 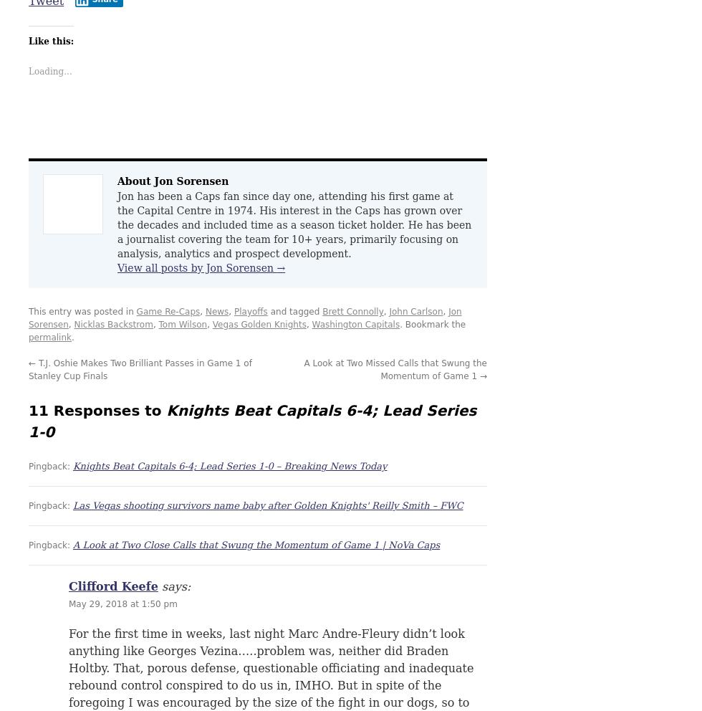 I want to click on 'About Jon Sorensen', so click(x=117, y=180).